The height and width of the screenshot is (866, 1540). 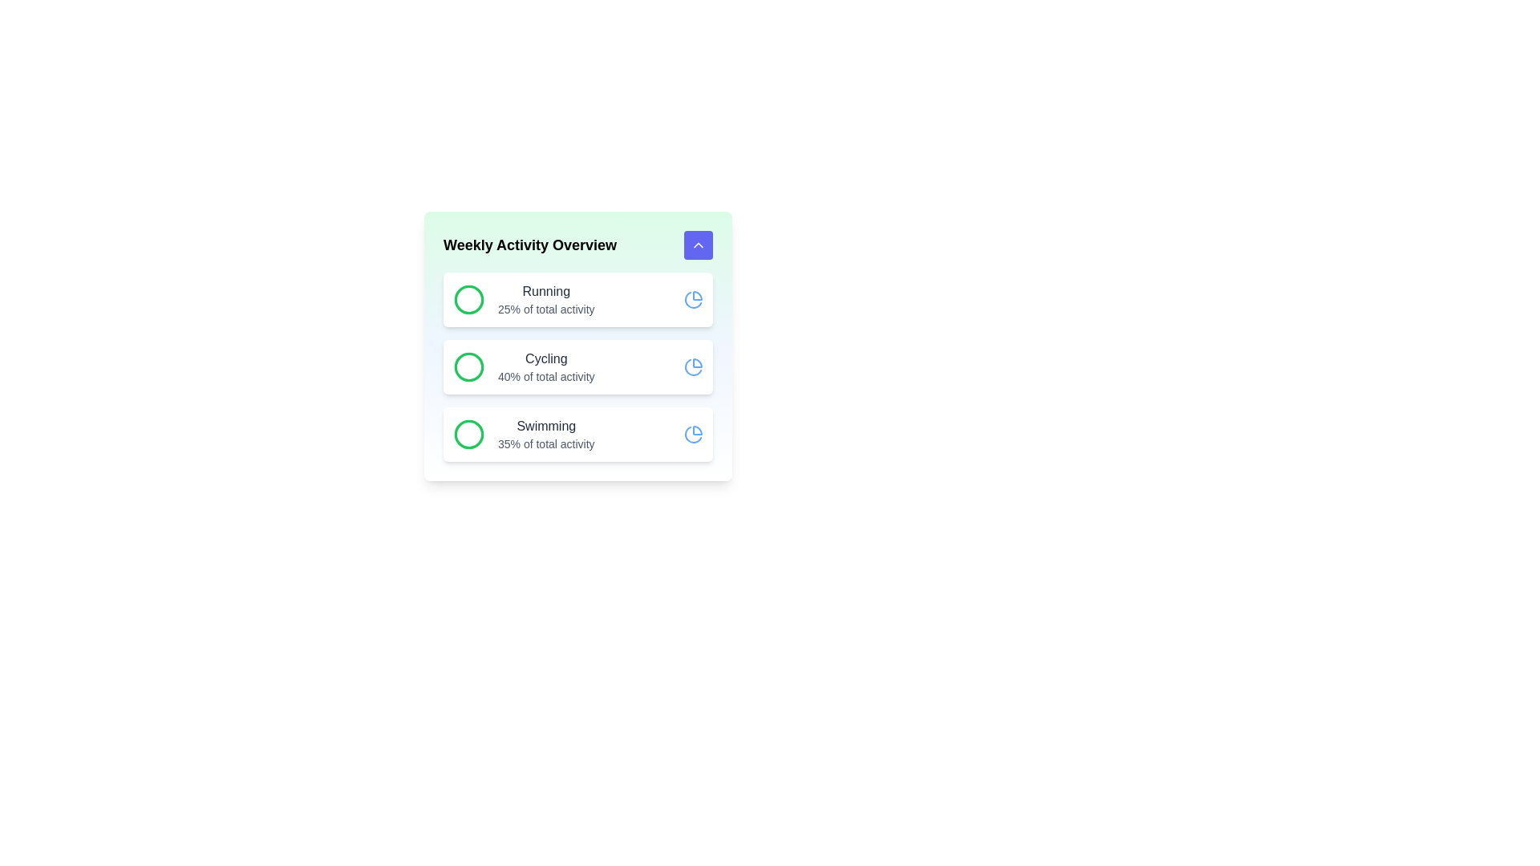 I want to click on the green circular icon representing the activity indicator next to the text 'Cycling 40% of total activity', so click(x=468, y=367).